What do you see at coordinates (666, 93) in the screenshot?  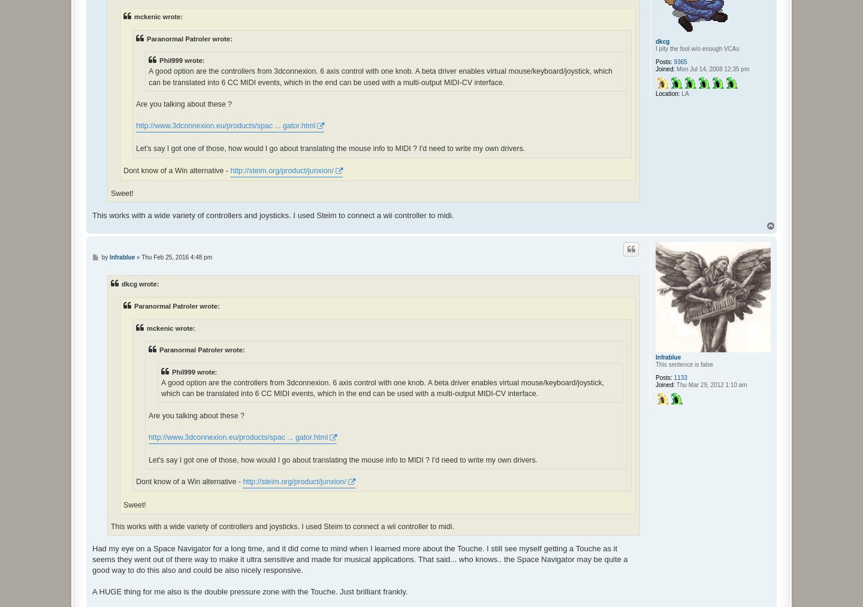 I see `'Location:'` at bounding box center [666, 93].